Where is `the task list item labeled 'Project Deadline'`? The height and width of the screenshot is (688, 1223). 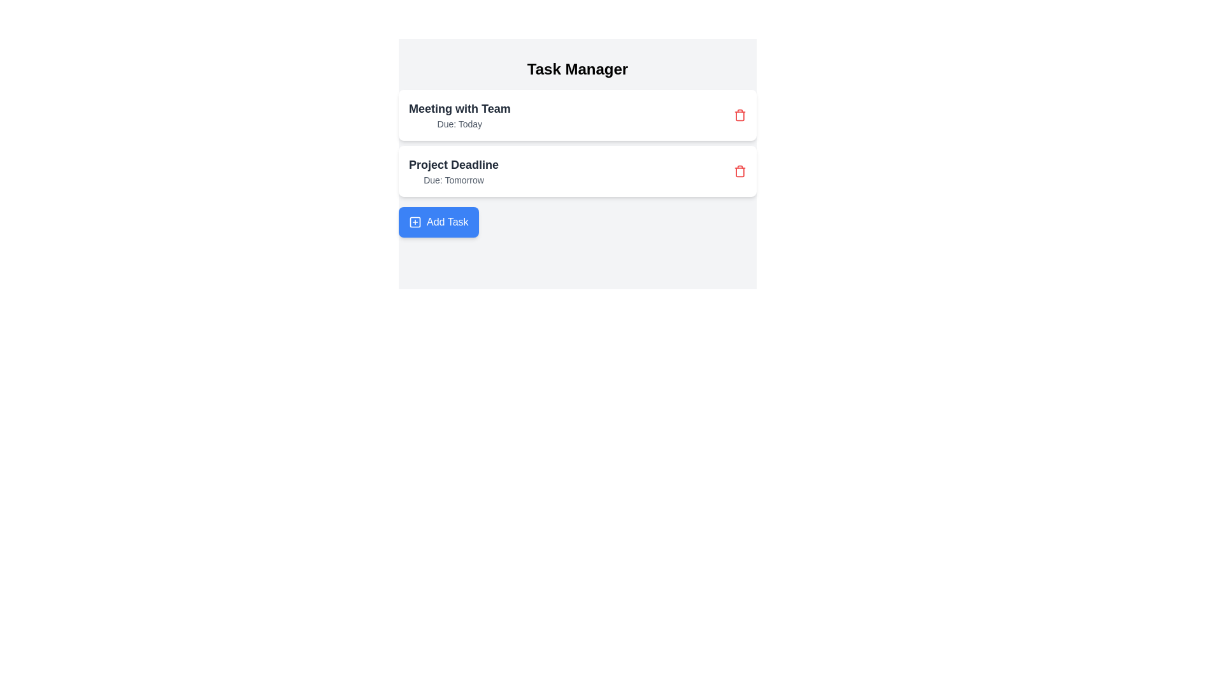
the task list item labeled 'Project Deadline' is located at coordinates (577, 155).